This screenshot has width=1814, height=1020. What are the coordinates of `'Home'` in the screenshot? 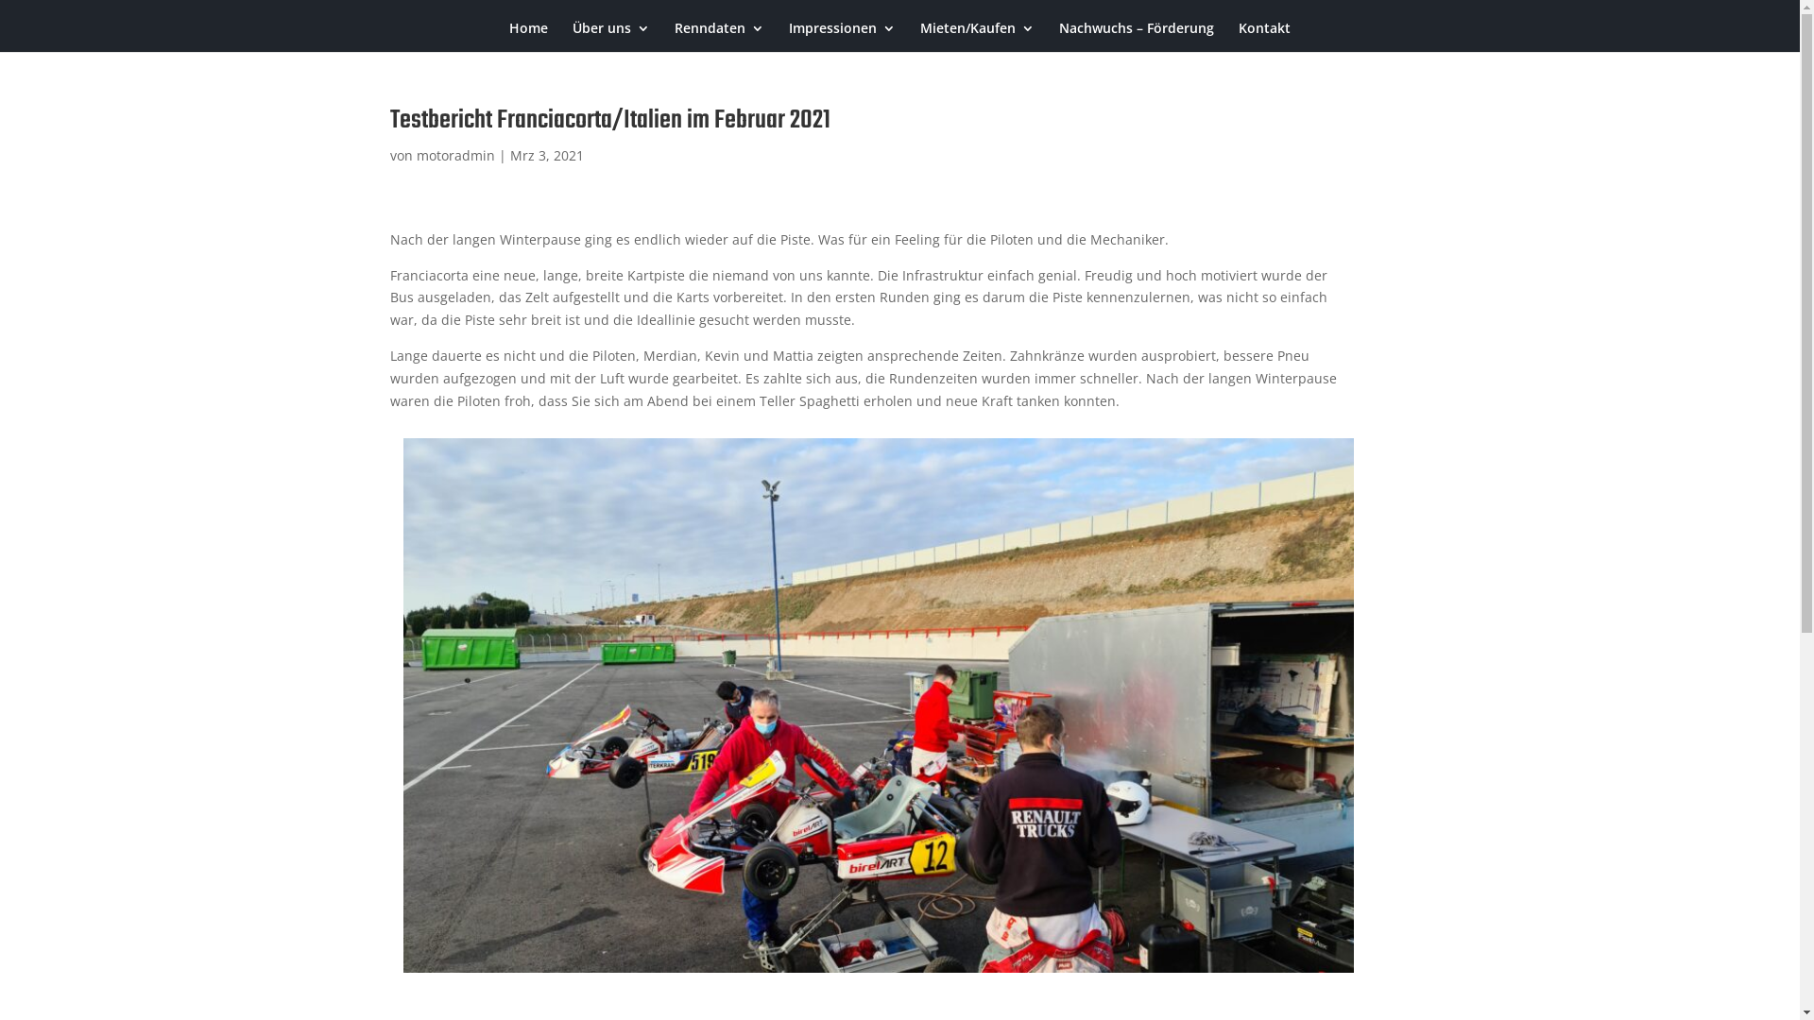 It's located at (508, 36).